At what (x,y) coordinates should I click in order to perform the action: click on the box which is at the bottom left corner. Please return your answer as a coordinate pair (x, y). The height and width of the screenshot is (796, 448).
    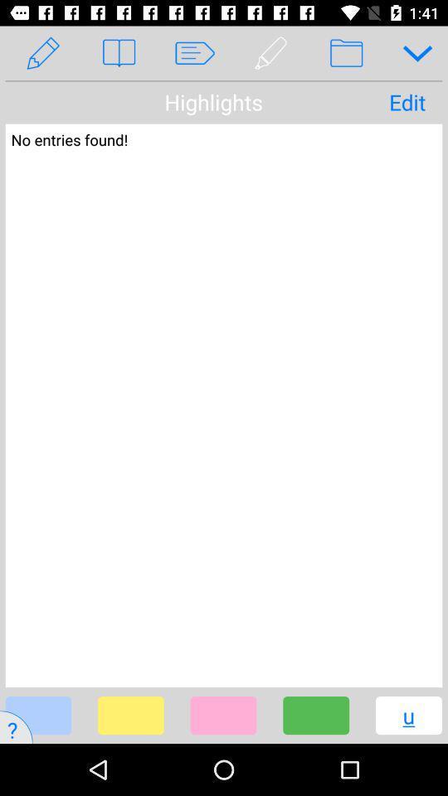
    Looking at the image, I should click on (38, 715).